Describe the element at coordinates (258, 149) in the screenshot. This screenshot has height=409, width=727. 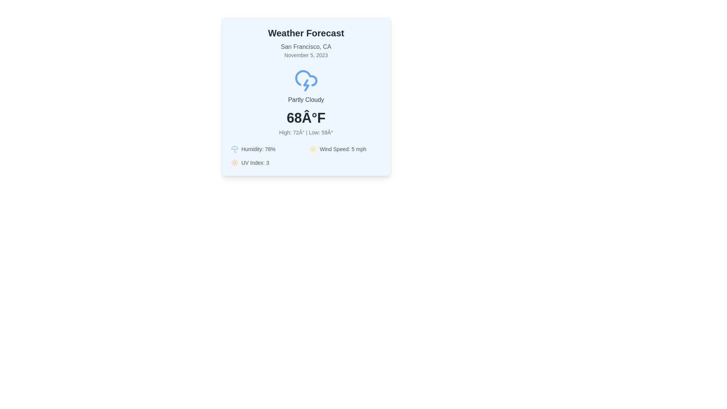
I see `the humidity information text label, which is situated between a blue umbrella icon on the left and a UV index details group on the right` at that location.